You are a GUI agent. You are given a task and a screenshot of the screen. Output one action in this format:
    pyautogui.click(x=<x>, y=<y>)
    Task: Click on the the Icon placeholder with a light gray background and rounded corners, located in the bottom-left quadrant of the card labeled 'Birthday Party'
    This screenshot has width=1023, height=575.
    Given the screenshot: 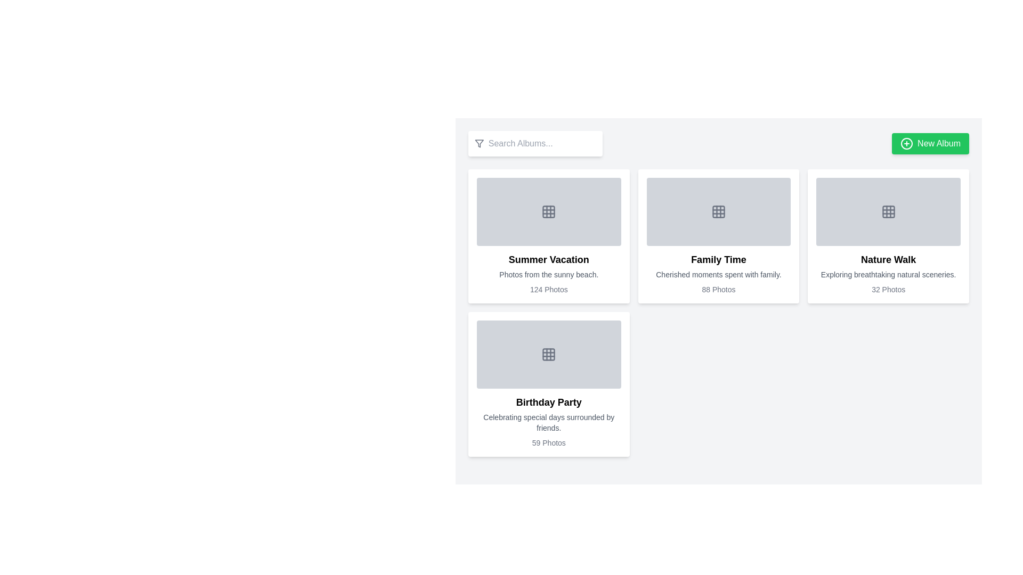 What is the action you would take?
    pyautogui.click(x=549, y=355)
    